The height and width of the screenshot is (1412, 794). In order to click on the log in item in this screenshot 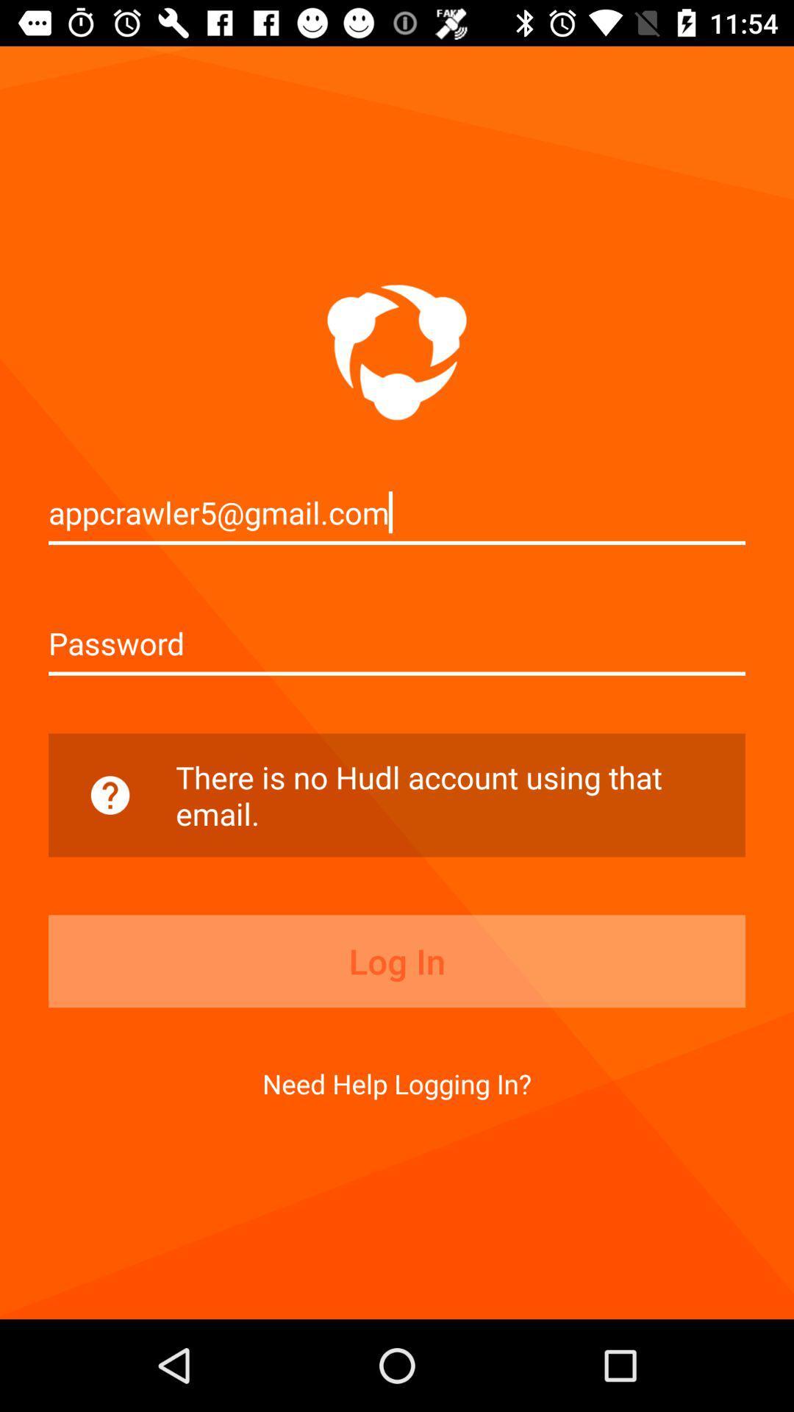, I will do `click(397, 961)`.